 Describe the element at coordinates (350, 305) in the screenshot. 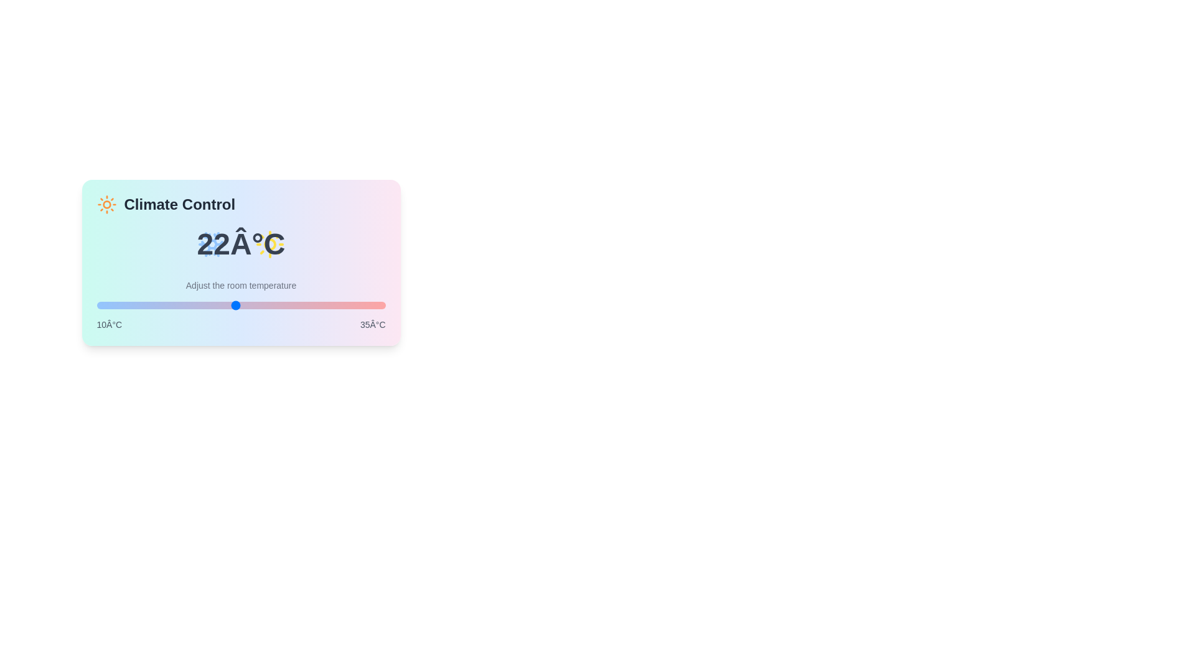

I see `the temperature to 32°C using the slider` at that location.